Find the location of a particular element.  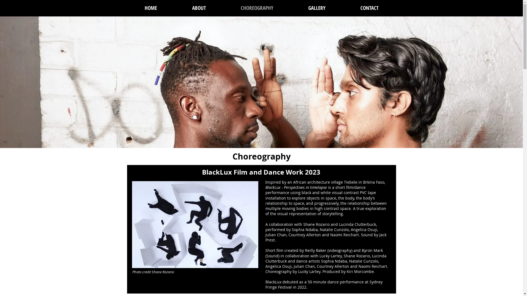

'CHOREOGRAPHY' is located at coordinates (257, 8).